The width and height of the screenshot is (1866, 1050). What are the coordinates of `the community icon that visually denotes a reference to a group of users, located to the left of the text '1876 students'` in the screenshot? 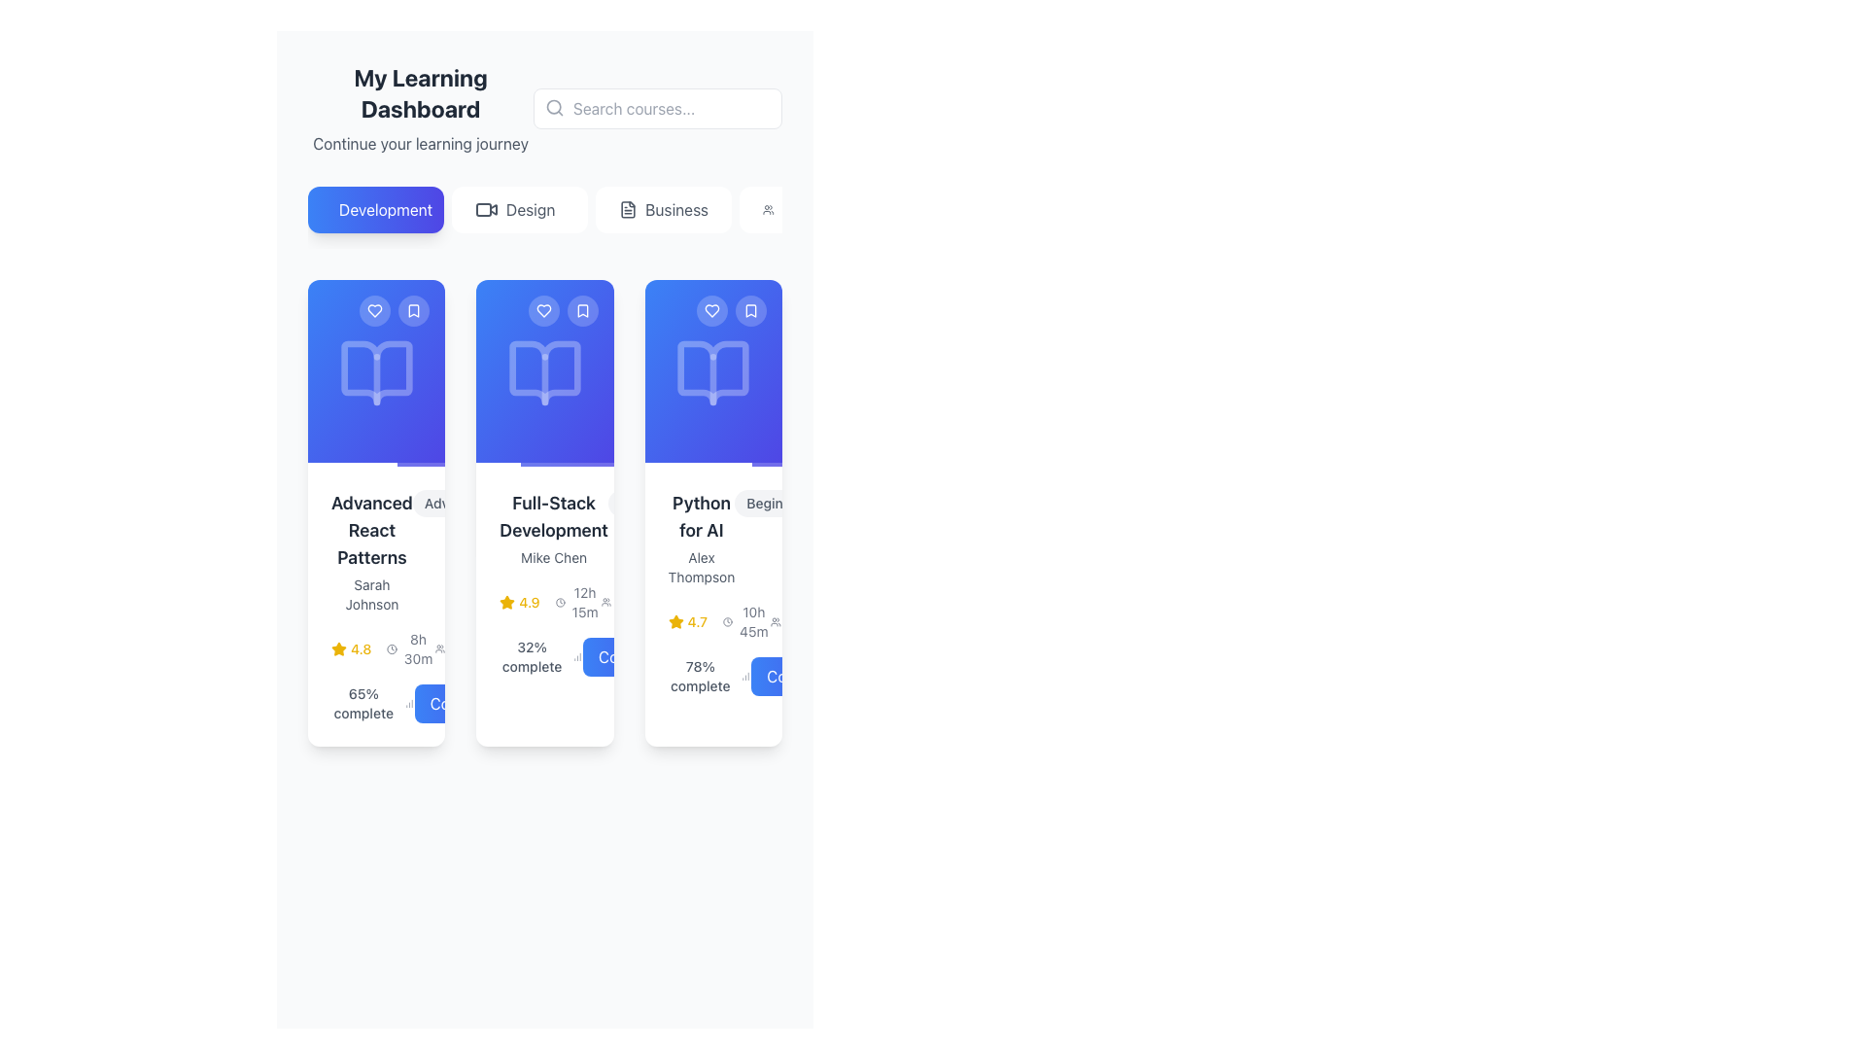 It's located at (775, 622).